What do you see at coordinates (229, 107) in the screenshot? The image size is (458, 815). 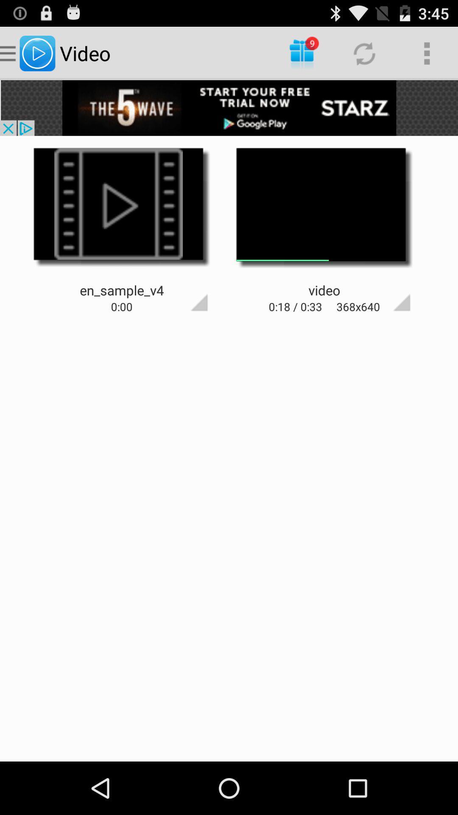 I see `the 5 wave` at bounding box center [229, 107].